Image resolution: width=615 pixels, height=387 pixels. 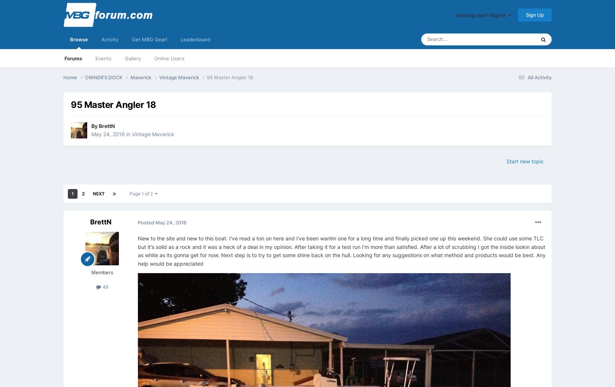 What do you see at coordinates (98, 193) in the screenshot?
I see `'Next'` at bounding box center [98, 193].